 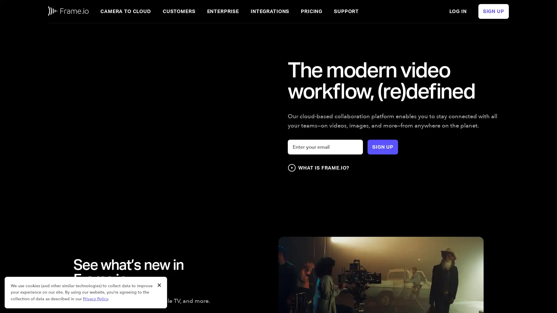 What do you see at coordinates (383, 147) in the screenshot?
I see `Submit email address` at bounding box center [383, 147].